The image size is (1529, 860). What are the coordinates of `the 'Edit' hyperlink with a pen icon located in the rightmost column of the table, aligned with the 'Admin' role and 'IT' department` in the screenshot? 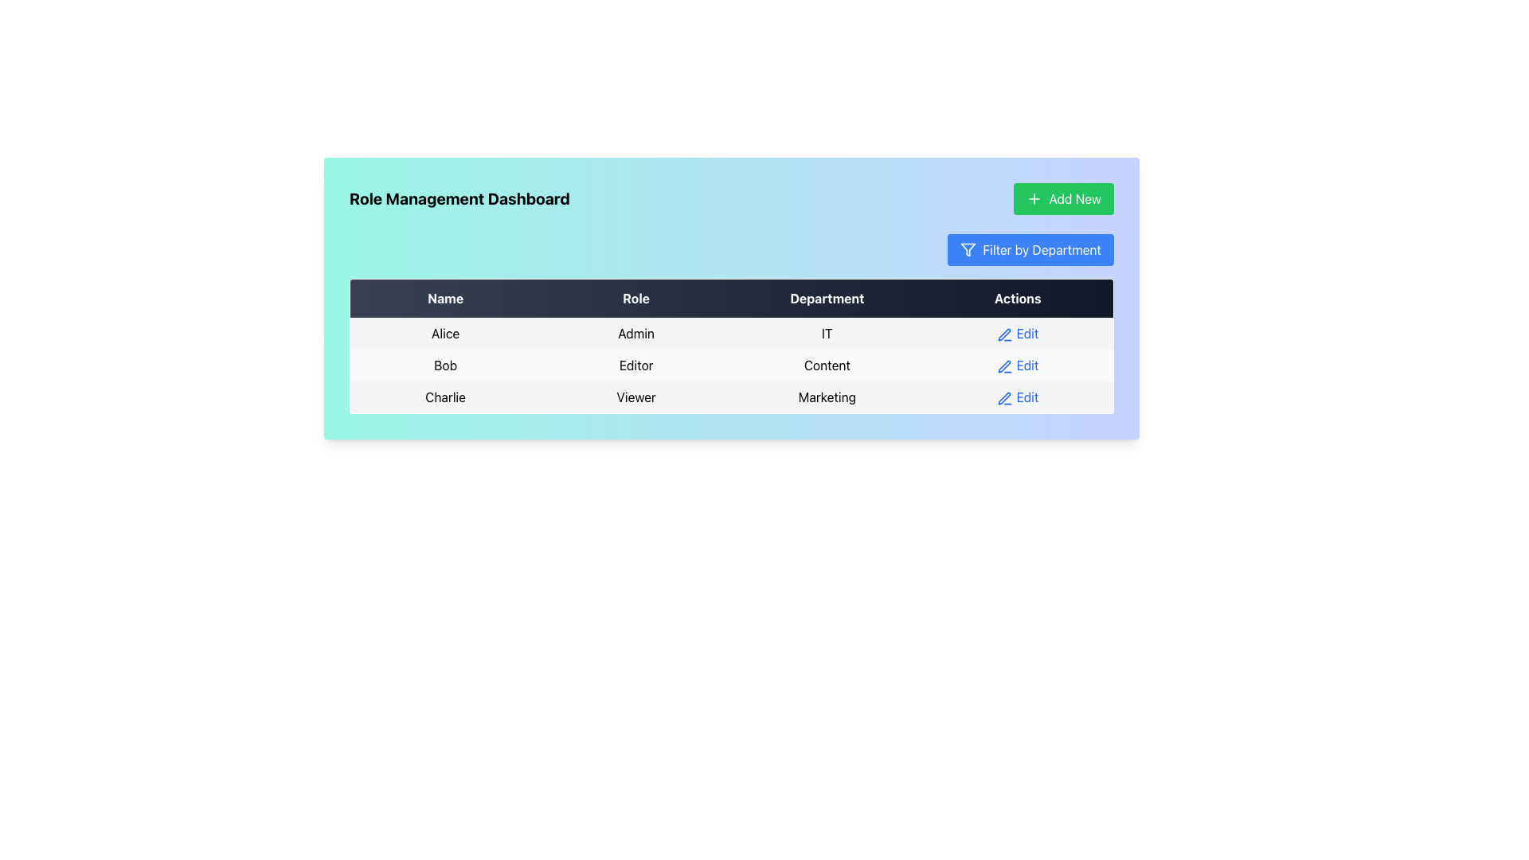 It's located at (1017, 333).